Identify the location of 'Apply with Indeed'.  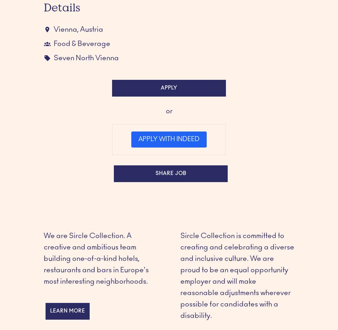
(169, 139).